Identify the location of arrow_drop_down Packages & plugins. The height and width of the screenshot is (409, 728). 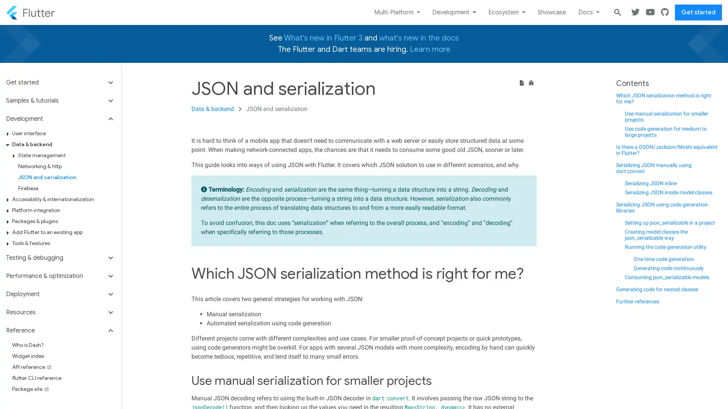
(63, 221).